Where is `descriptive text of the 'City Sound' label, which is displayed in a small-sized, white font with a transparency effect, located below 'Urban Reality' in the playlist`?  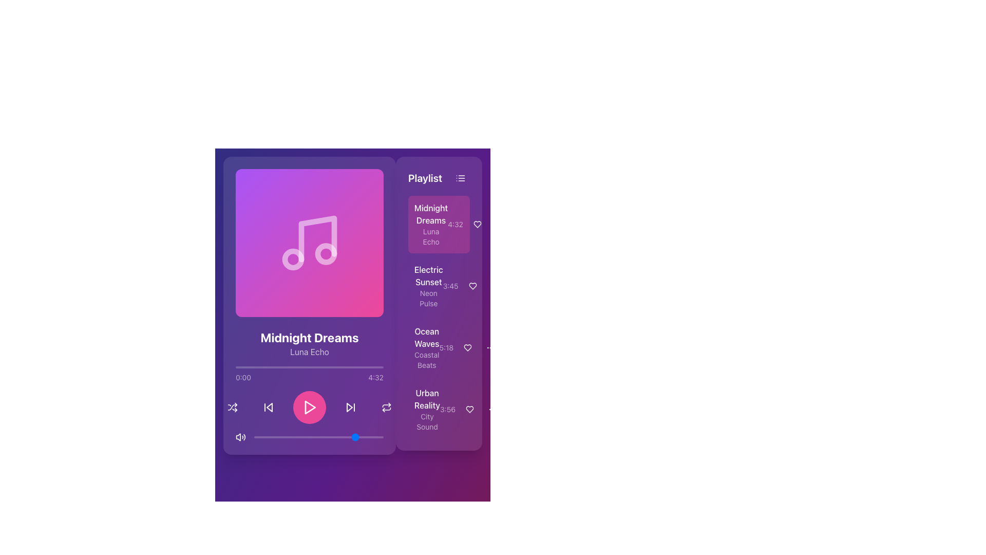
descriptive text of the 'City Sound' label, which is displayed in a small-sized, white font with a transparency effect, located below 'Urban Reality' in the playlist is located at coordinates (427, 422).